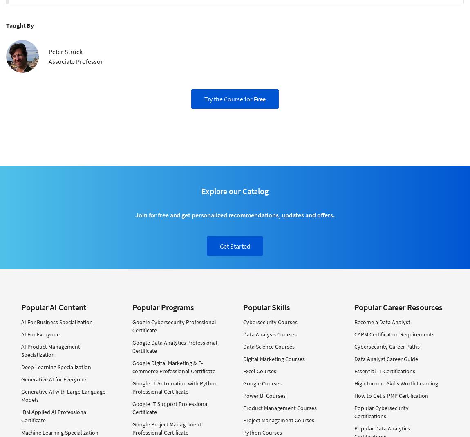  I want to click on 'Machine Learning Specialization', so click(59, 432).